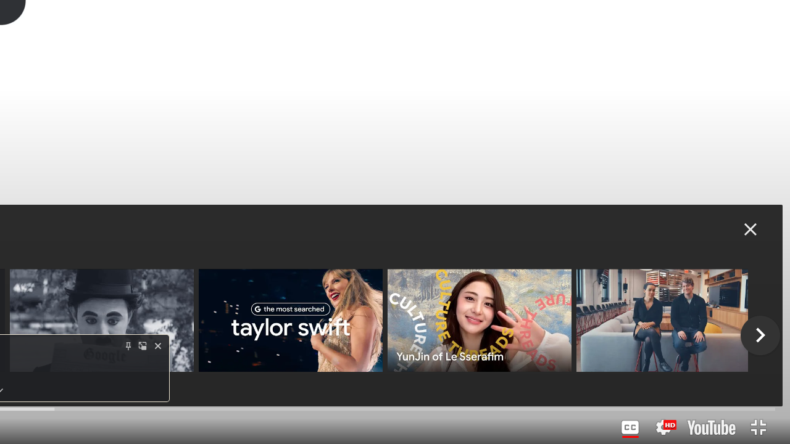 This screenshot has width=790, height=444. I want to click on 'Watch on YouTube', so click(711, 427).